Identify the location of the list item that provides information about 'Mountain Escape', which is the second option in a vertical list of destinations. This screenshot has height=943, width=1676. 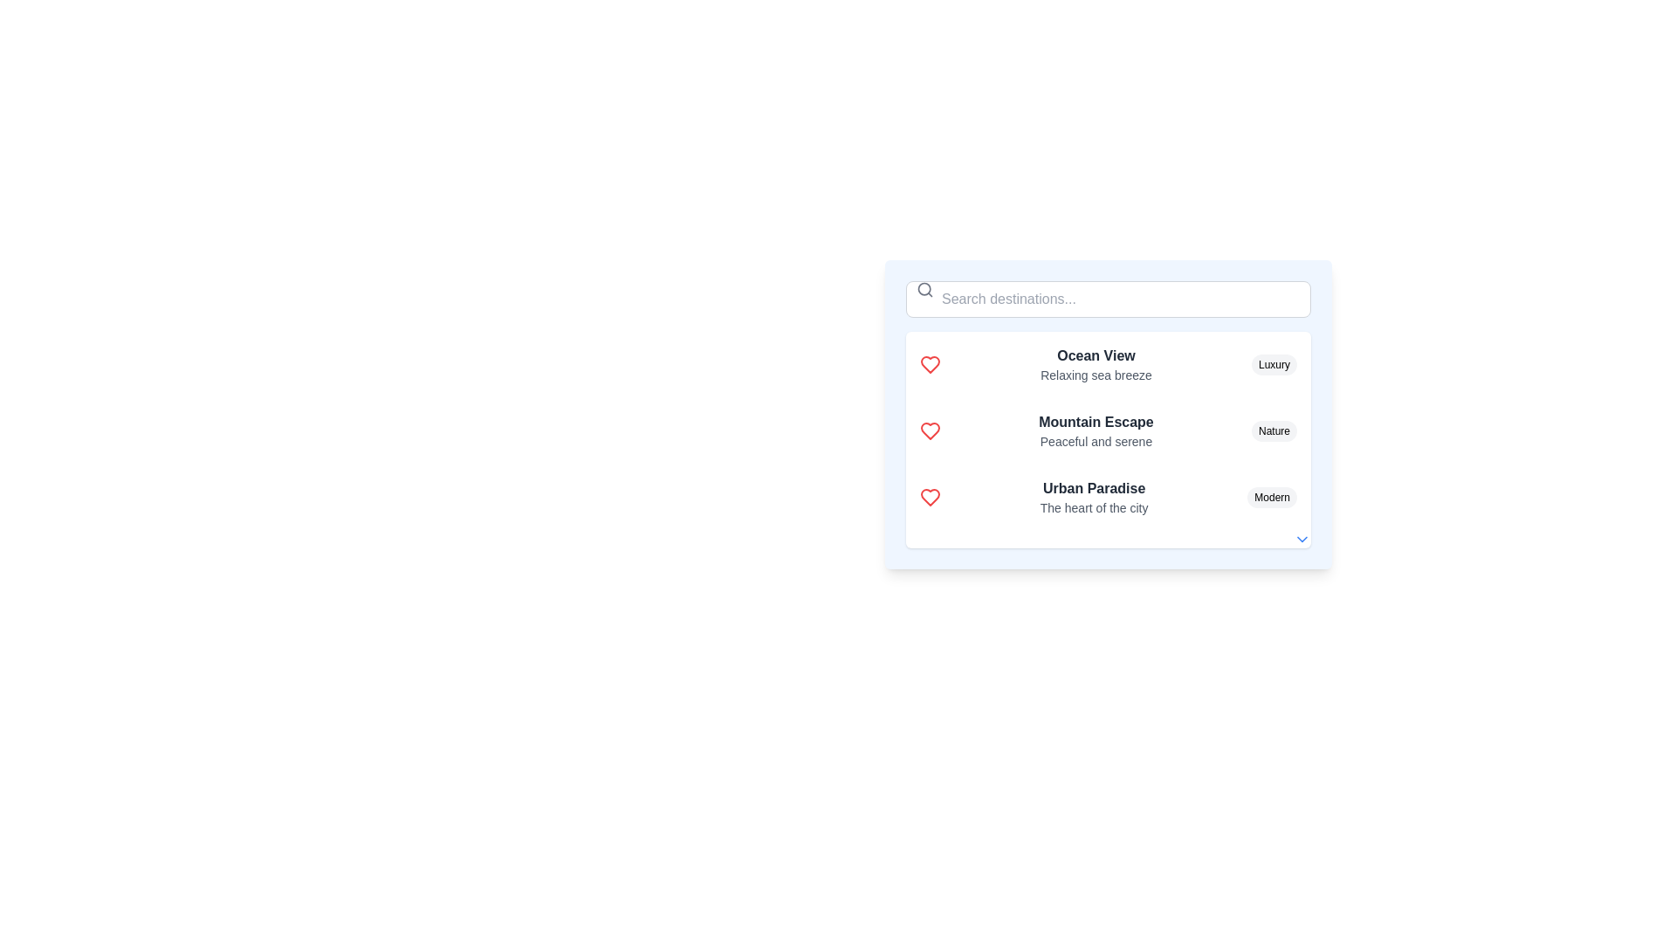
(1108, 430).